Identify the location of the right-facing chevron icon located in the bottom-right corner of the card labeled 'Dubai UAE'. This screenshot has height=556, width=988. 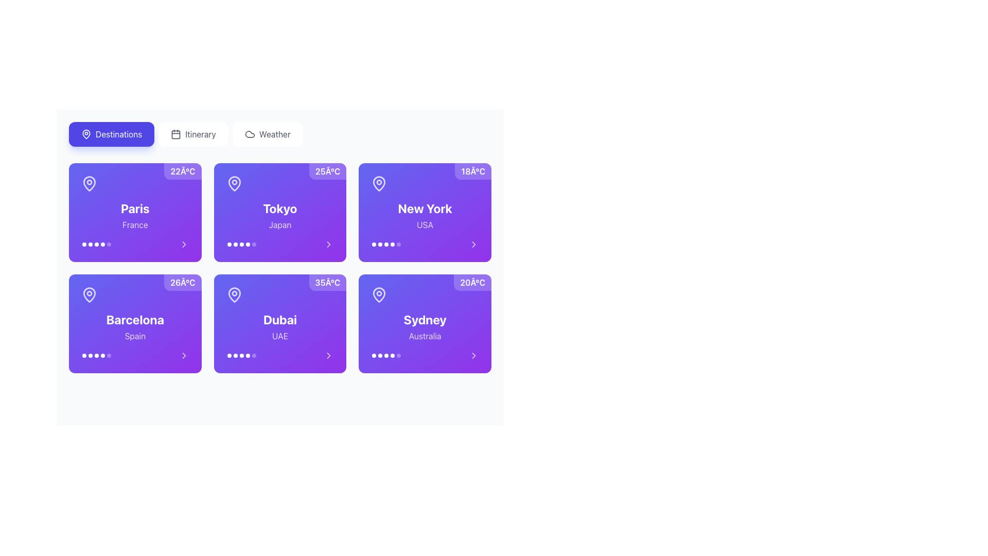
(328, 355).